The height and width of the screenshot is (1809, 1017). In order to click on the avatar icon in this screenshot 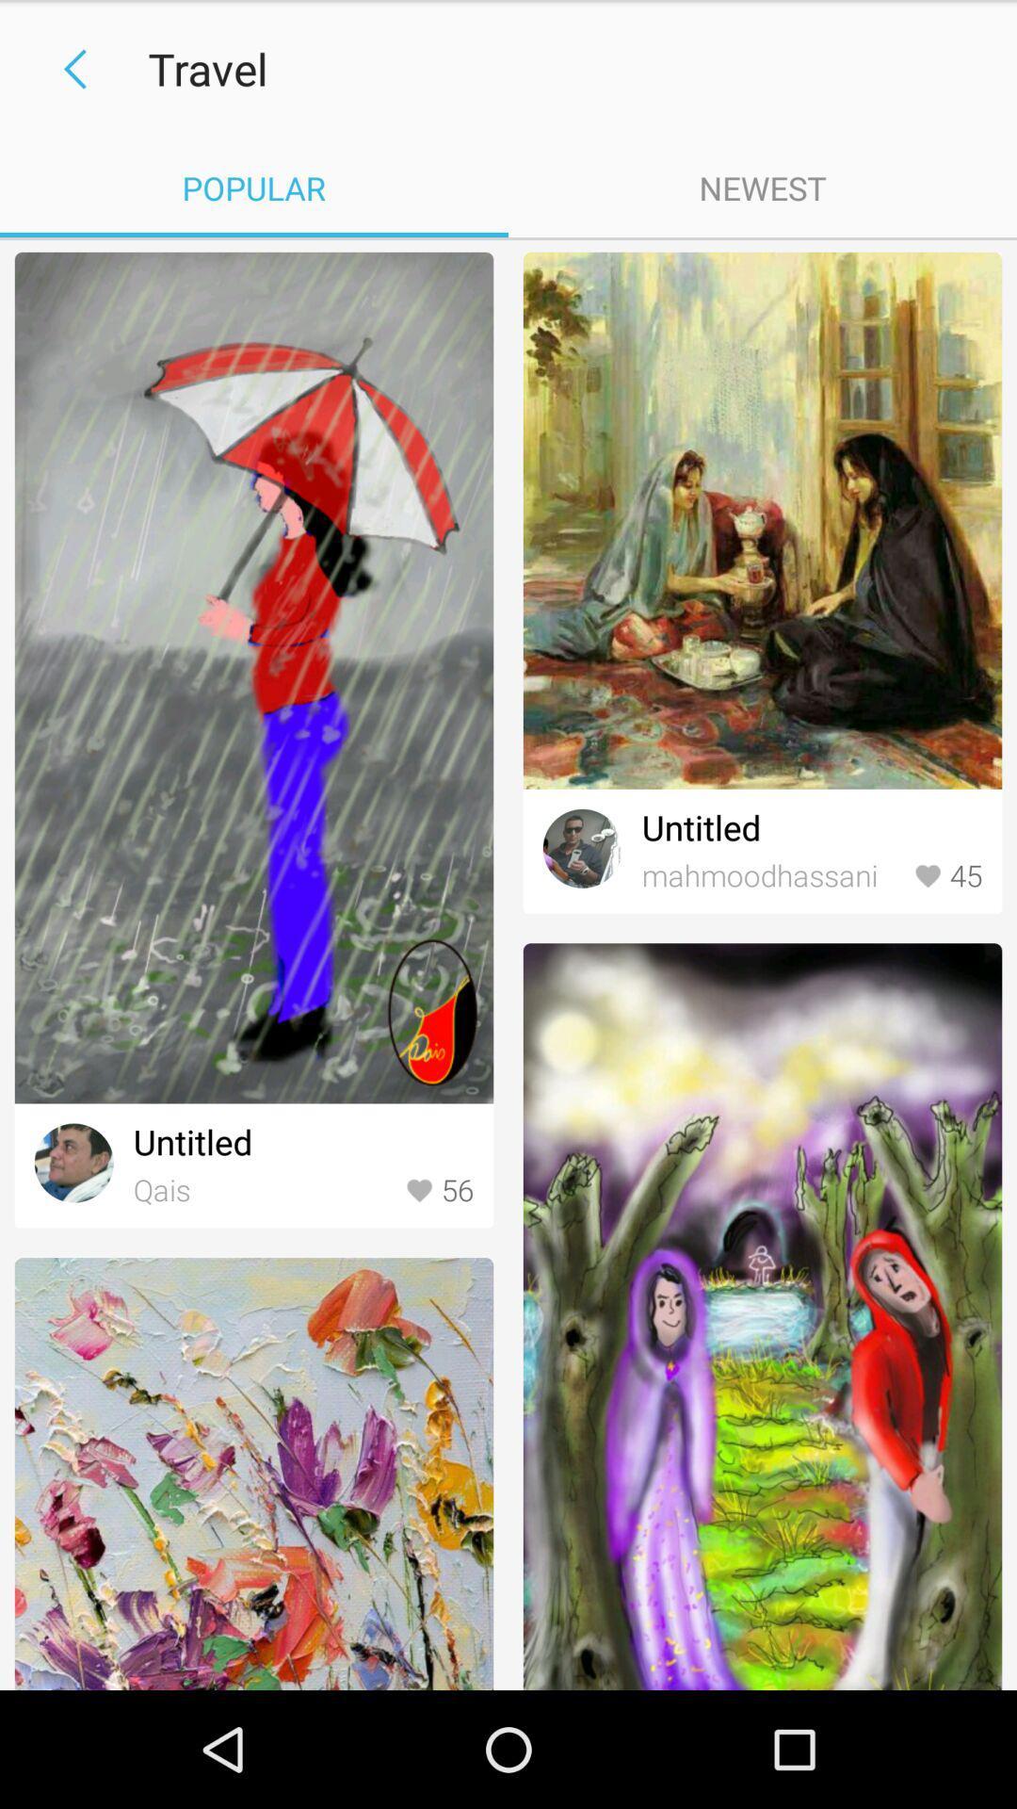, I will do `click(73, 1162)`.